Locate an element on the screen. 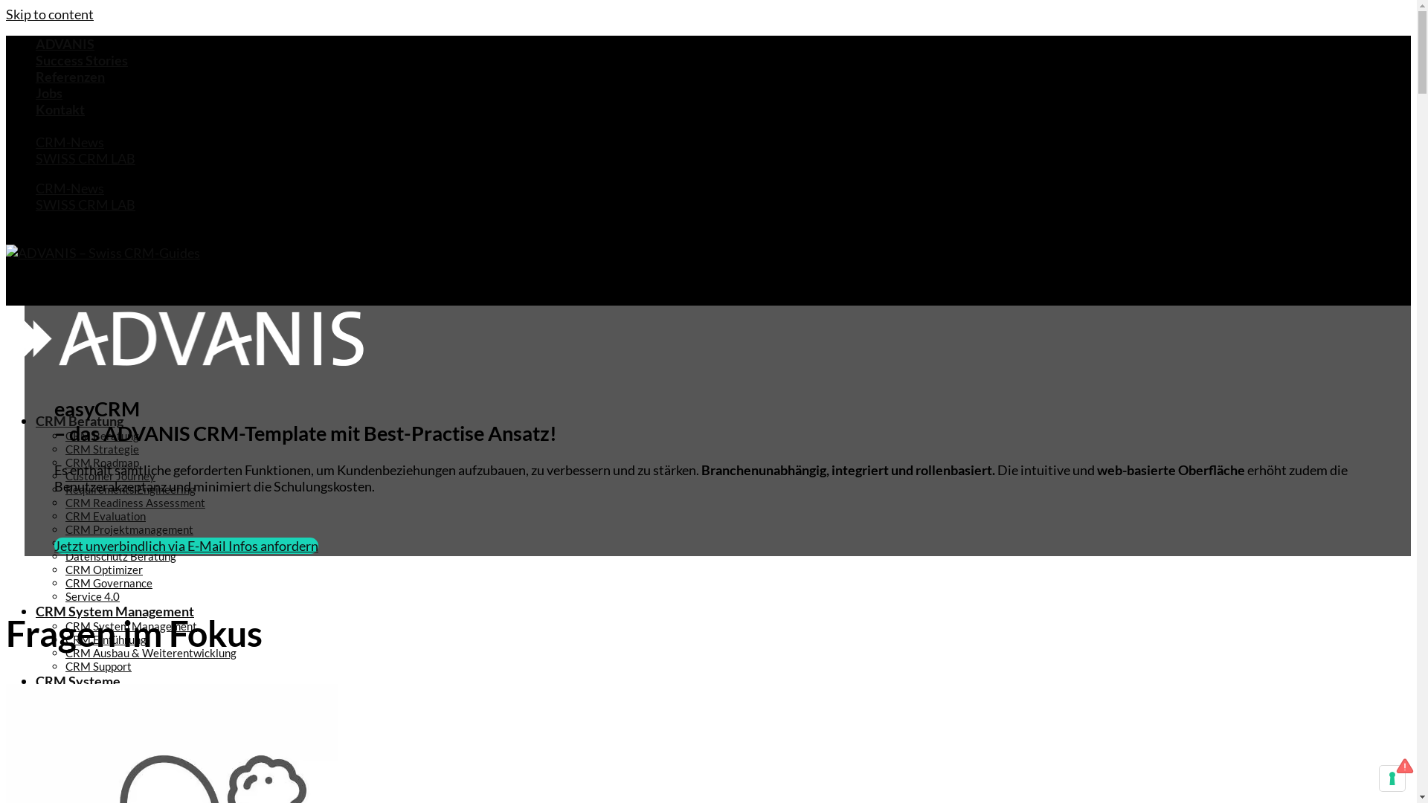  'CRM Ausbau & Weiterentwicklung' is located at coordinates (150, 652).